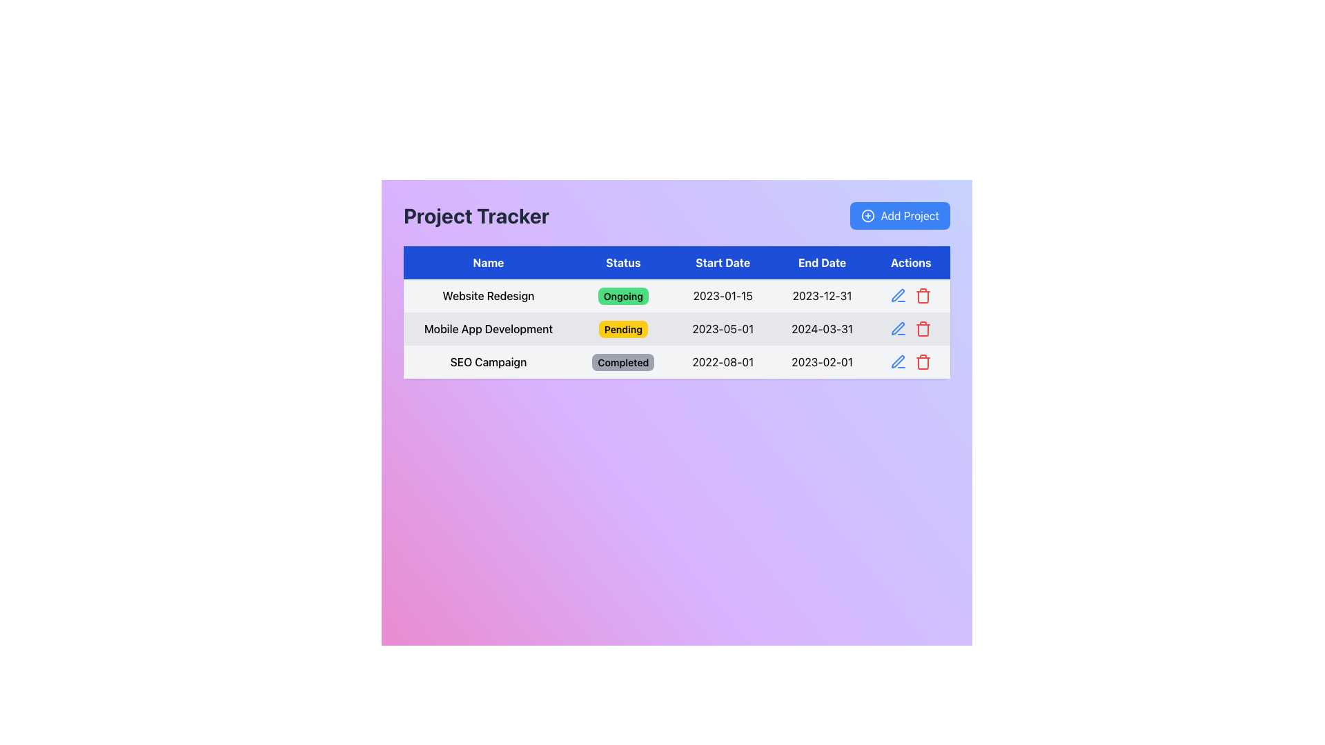 The height and width of the screenshot is (745, 1325). Describe the element at coordinates (622, 263) in the screenshot. I see `the 'Status' column header in the table, which is the second column header located between the 'Name' and 'Start Date' headers` at that location.